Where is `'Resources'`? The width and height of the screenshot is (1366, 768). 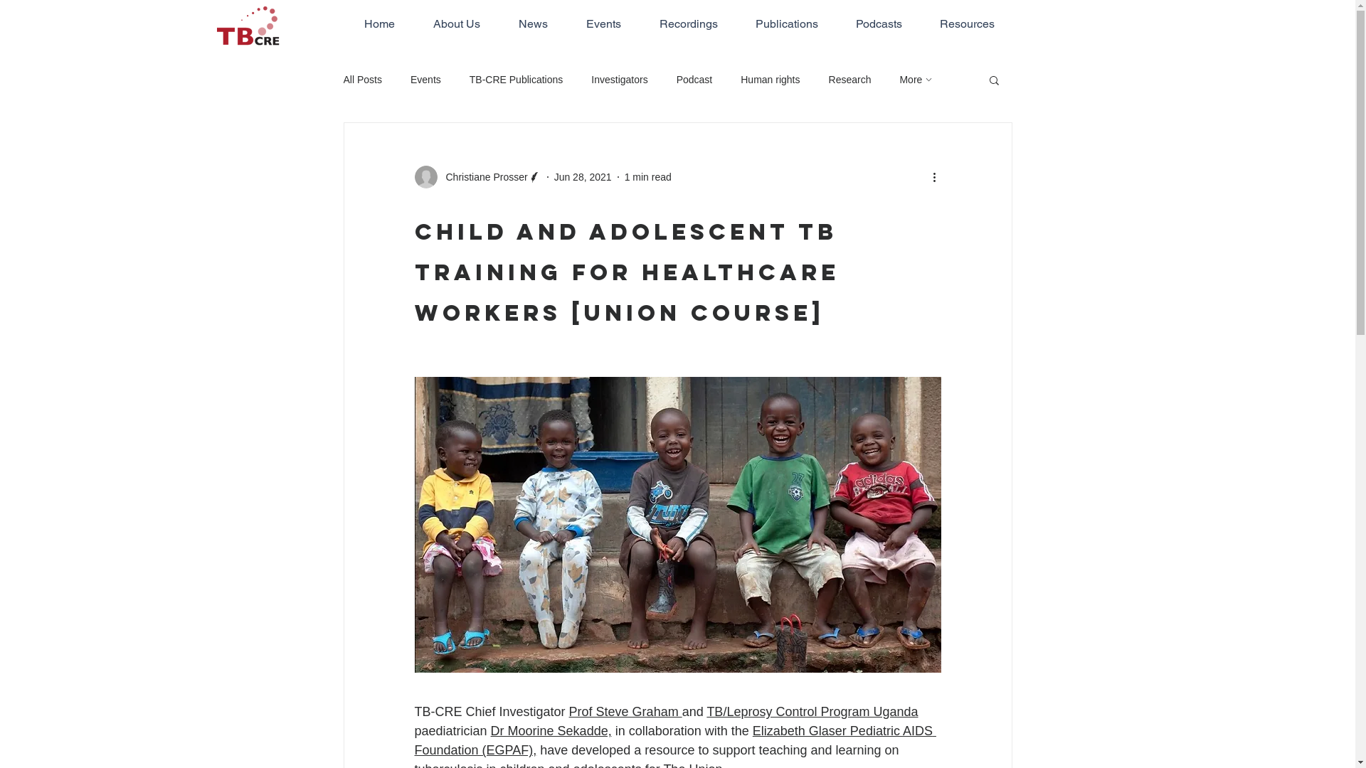
'Resources' is located at coordinates (966, 23).